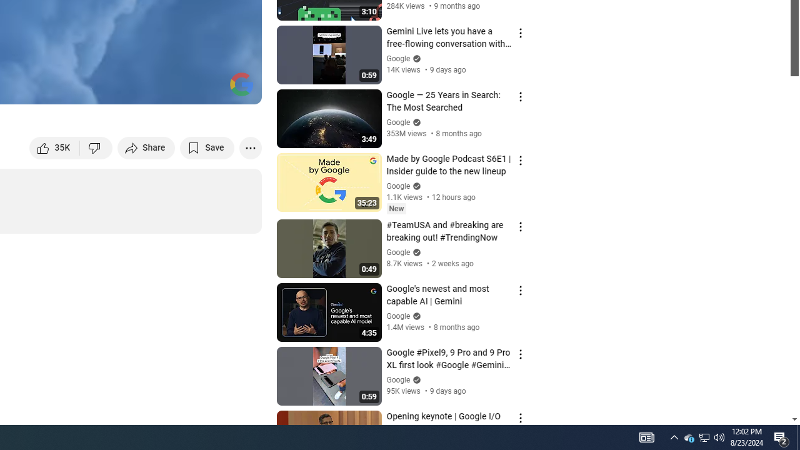  I want to click on 'Full screen (f)', so click(239, 88).